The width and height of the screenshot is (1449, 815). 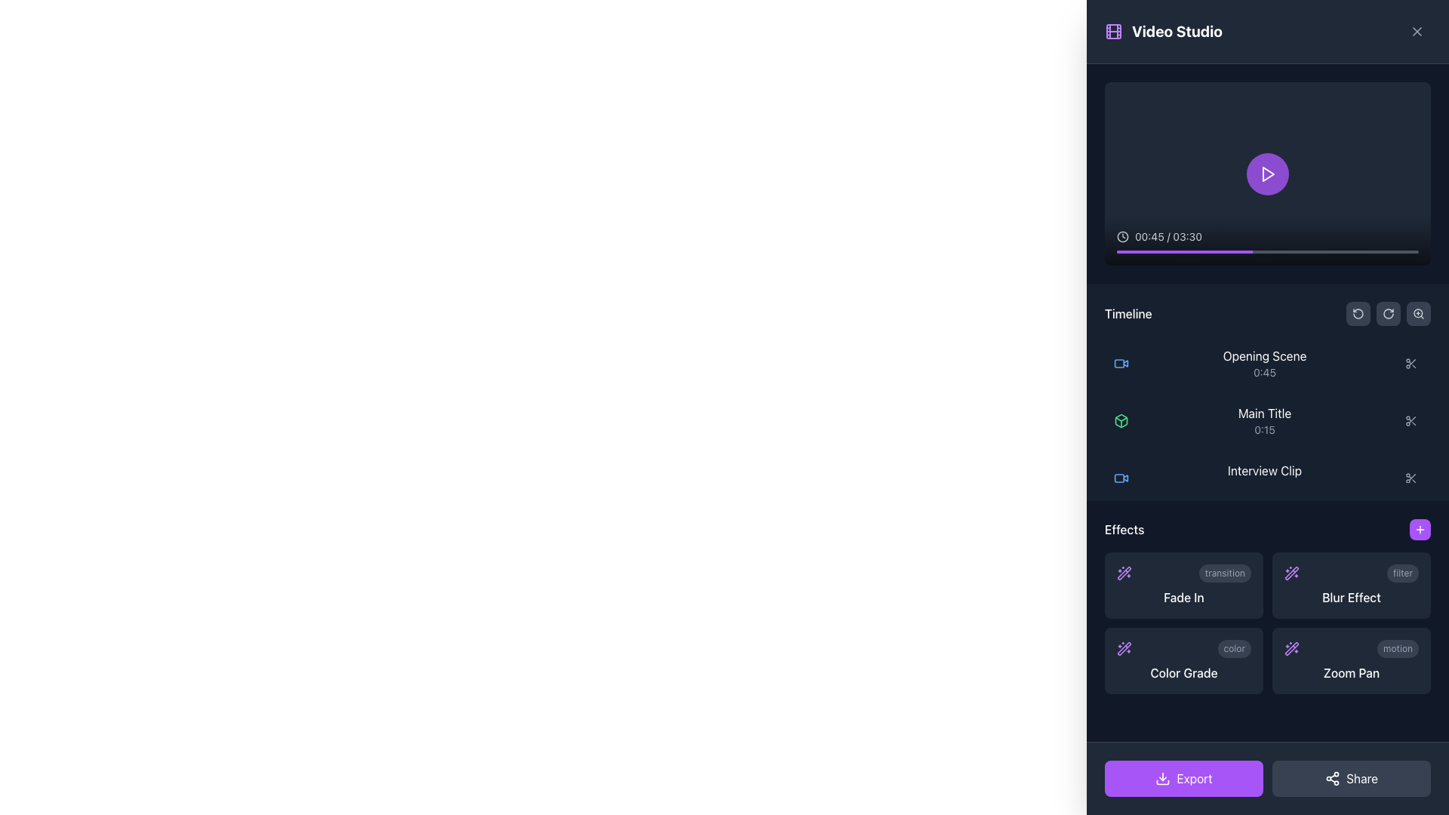 I want to click on the non-interactive SVG component representing a video clip in the timeline section, so click(x=1119, y=478).